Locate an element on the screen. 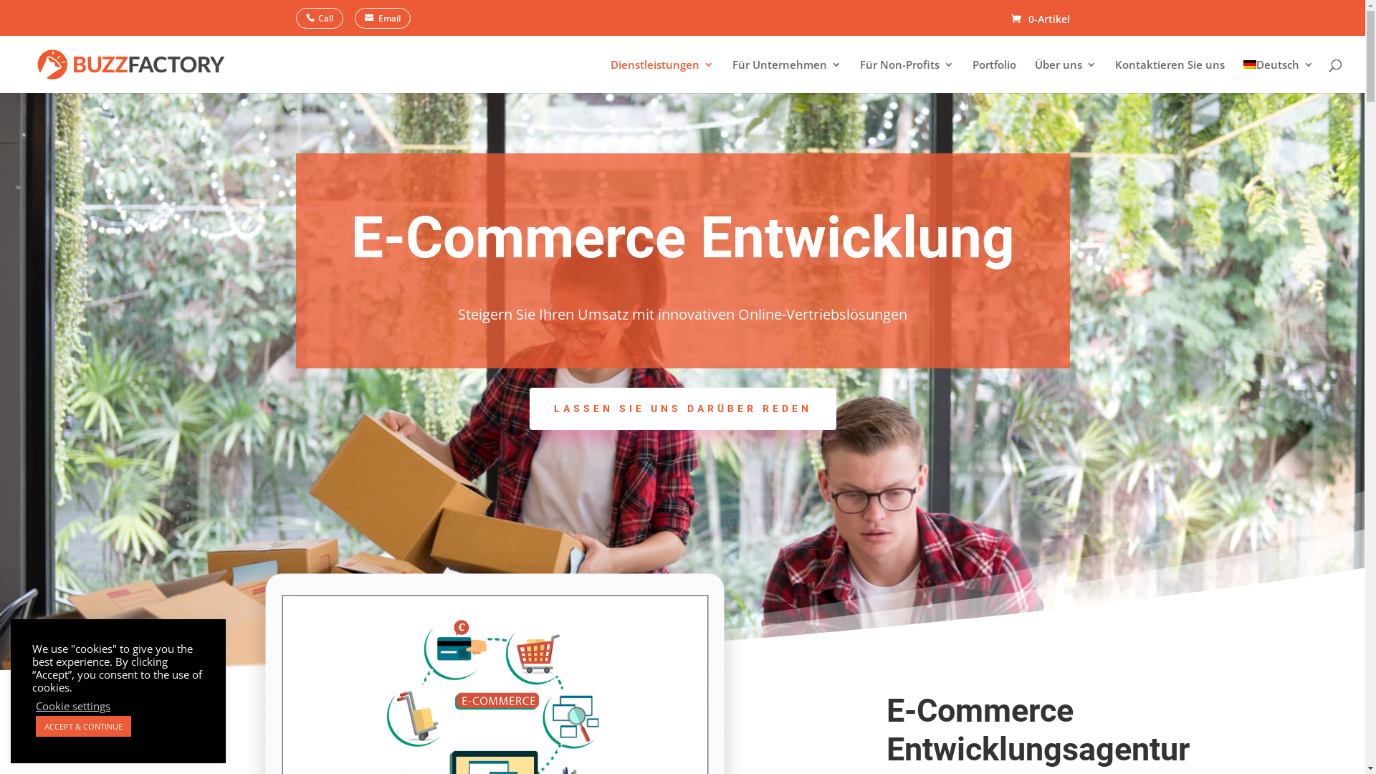 This screenshot has height=774, width=1376. 'ACCEPT & CONTINUE' is located at coordinates (82, 726).